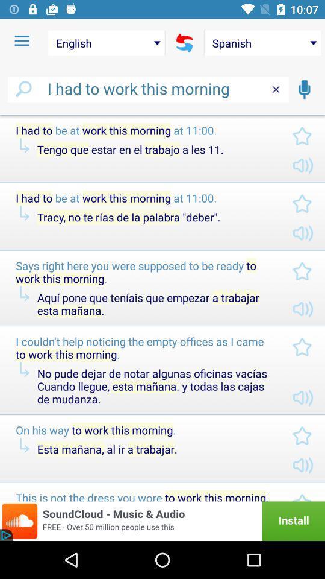 The height and width of the screenshot is (579, 325). I want to click on the icon to the right of the english, so click(184, 43).